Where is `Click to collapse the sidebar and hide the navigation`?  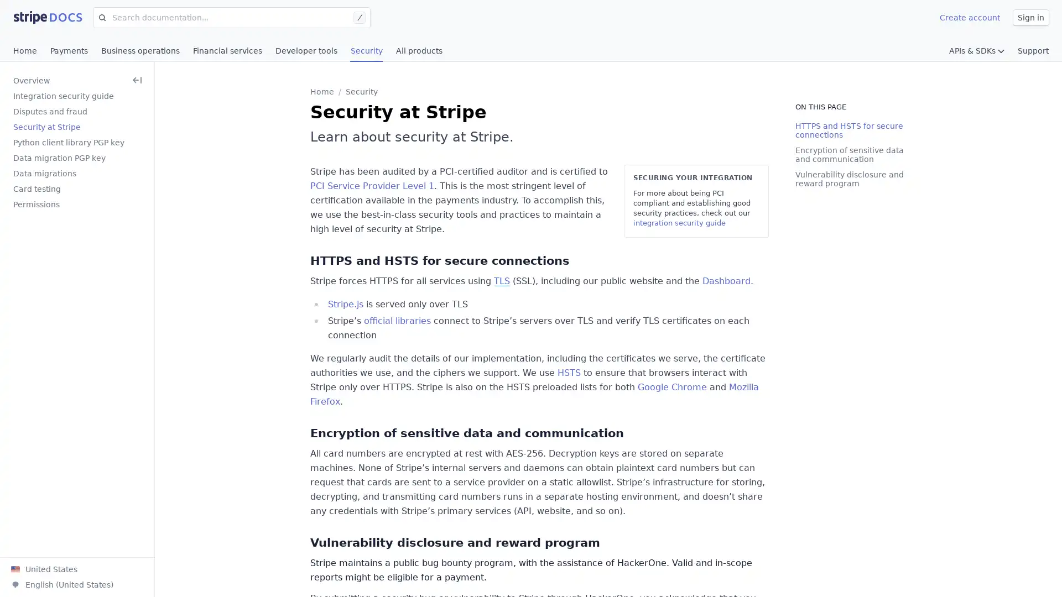
Click to collapse the sidebar and hide the navigation is located at coordinates (137, 80).